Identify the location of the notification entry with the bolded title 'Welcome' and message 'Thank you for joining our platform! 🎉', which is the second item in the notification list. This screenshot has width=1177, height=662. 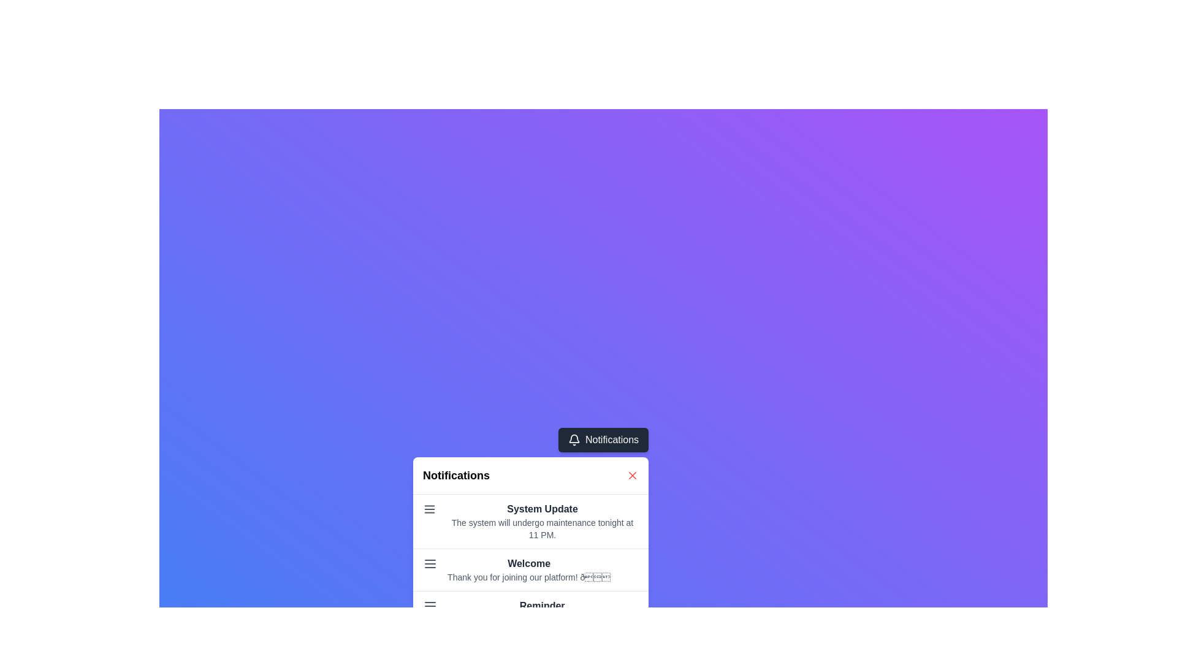
(531, 569).